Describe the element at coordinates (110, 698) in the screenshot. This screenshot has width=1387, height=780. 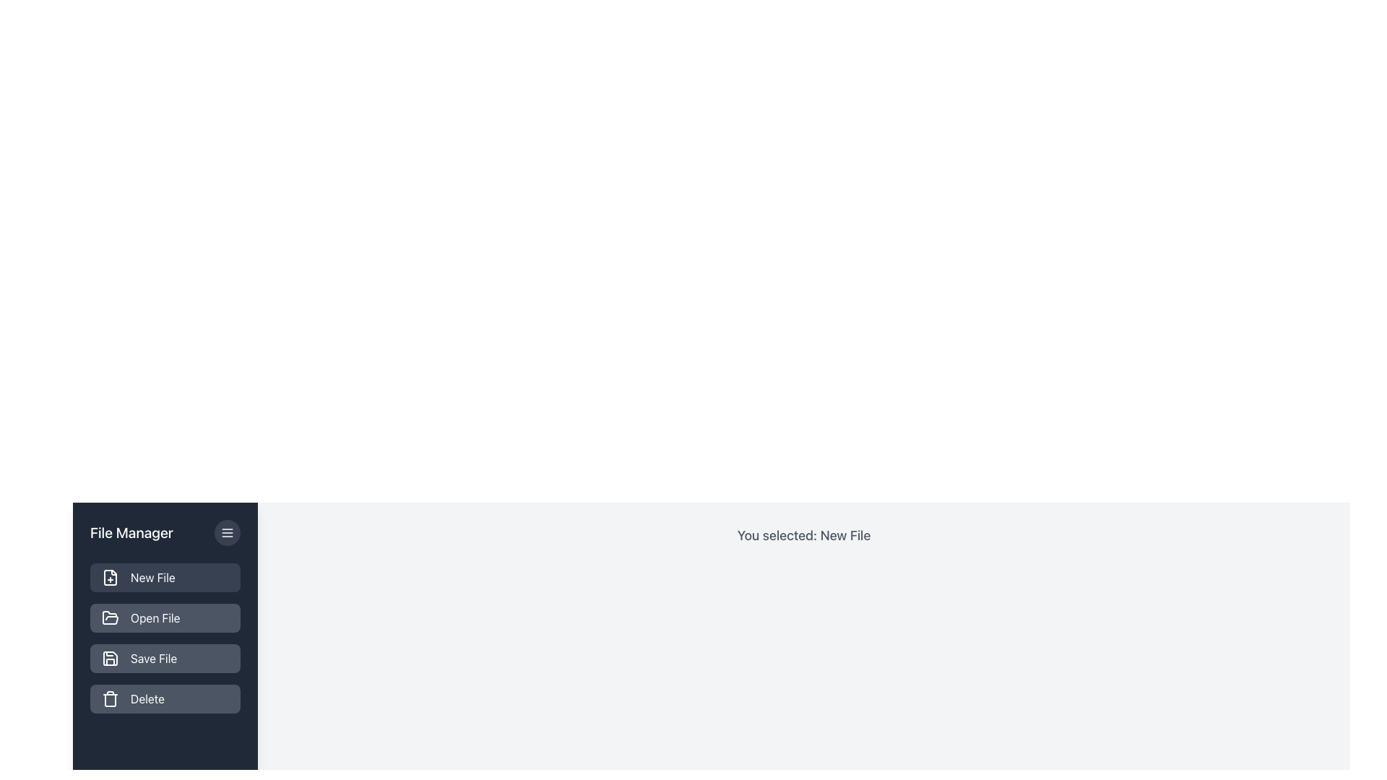
I see `the 'Delete' button, which contains a trash can icon on its left side and is the fourth item in a vertically stacked menu` at that location.